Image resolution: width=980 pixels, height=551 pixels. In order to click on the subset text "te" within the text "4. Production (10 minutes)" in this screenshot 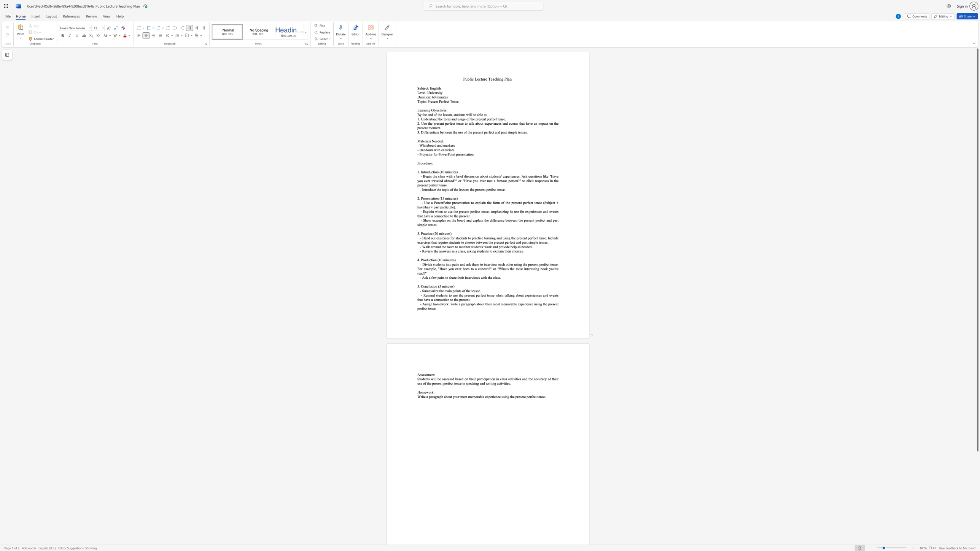, I will do `click(450, 259)`.